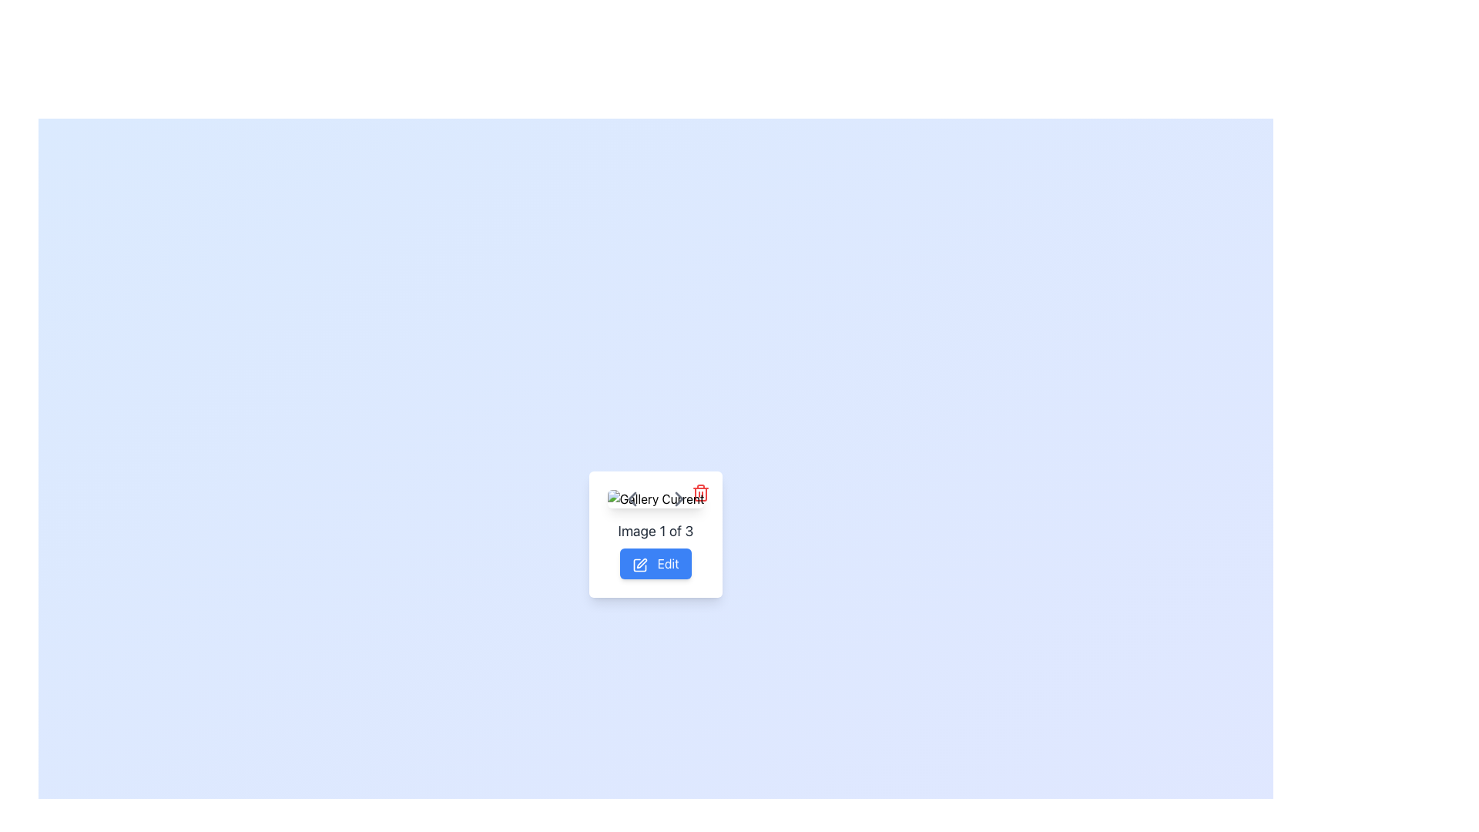  What do you see at coordinates (656, 499) in the screenshot?
I see `the navigation arrows on the Gallery Image Display to change the image, which is centrally placed above the 'Image 1 of 3' text and the 'Edit' button` at bounding box center [656, 499].